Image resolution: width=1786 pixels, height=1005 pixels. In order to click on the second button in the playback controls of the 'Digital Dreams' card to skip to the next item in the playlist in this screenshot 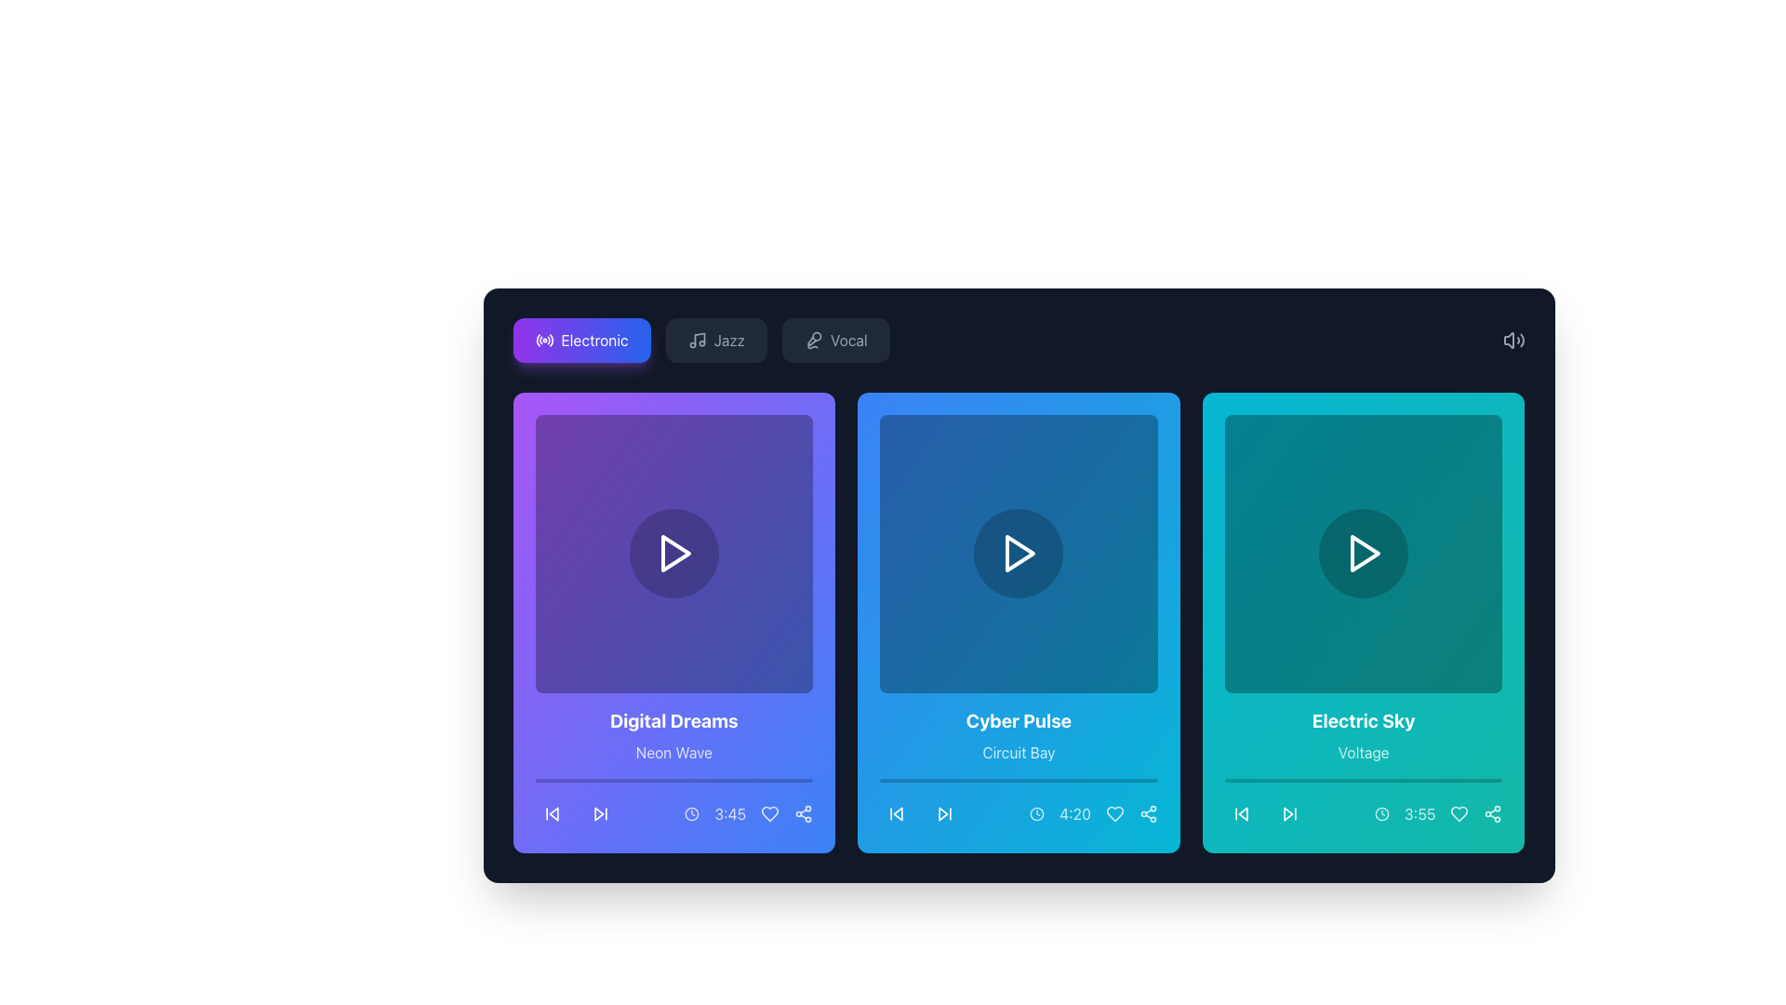, I will do `click(600, 812)`.